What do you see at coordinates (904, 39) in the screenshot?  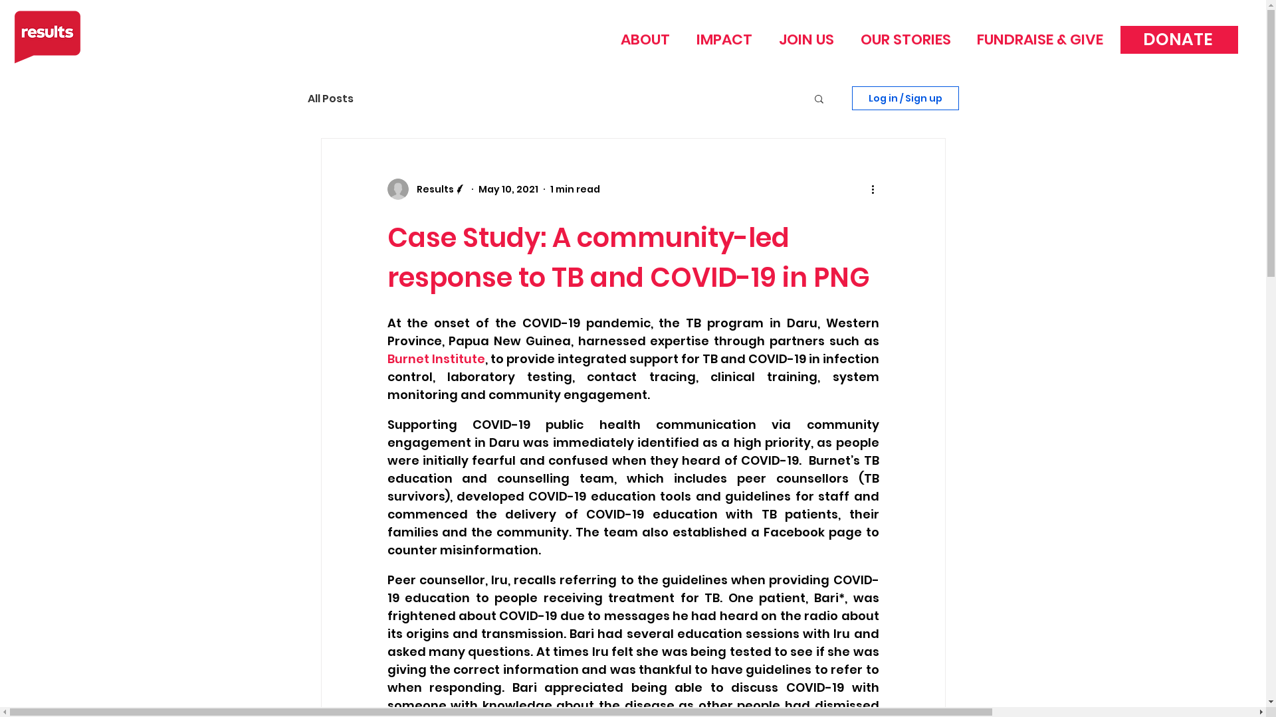 I see `'OUR STORIES'` at bounding box center [904, 39].